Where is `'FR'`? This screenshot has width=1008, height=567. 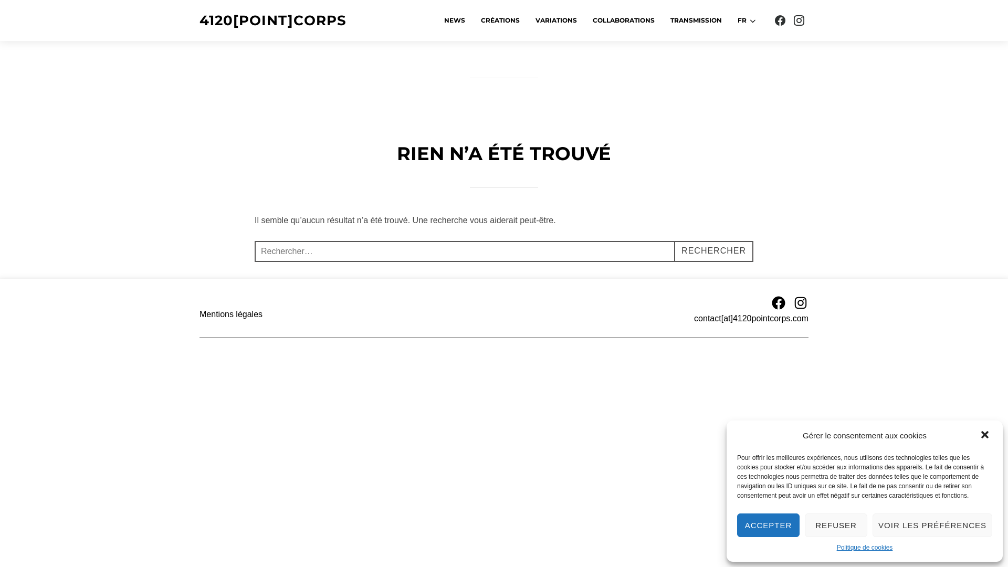
'FR' is located at coordinates (747, 20).